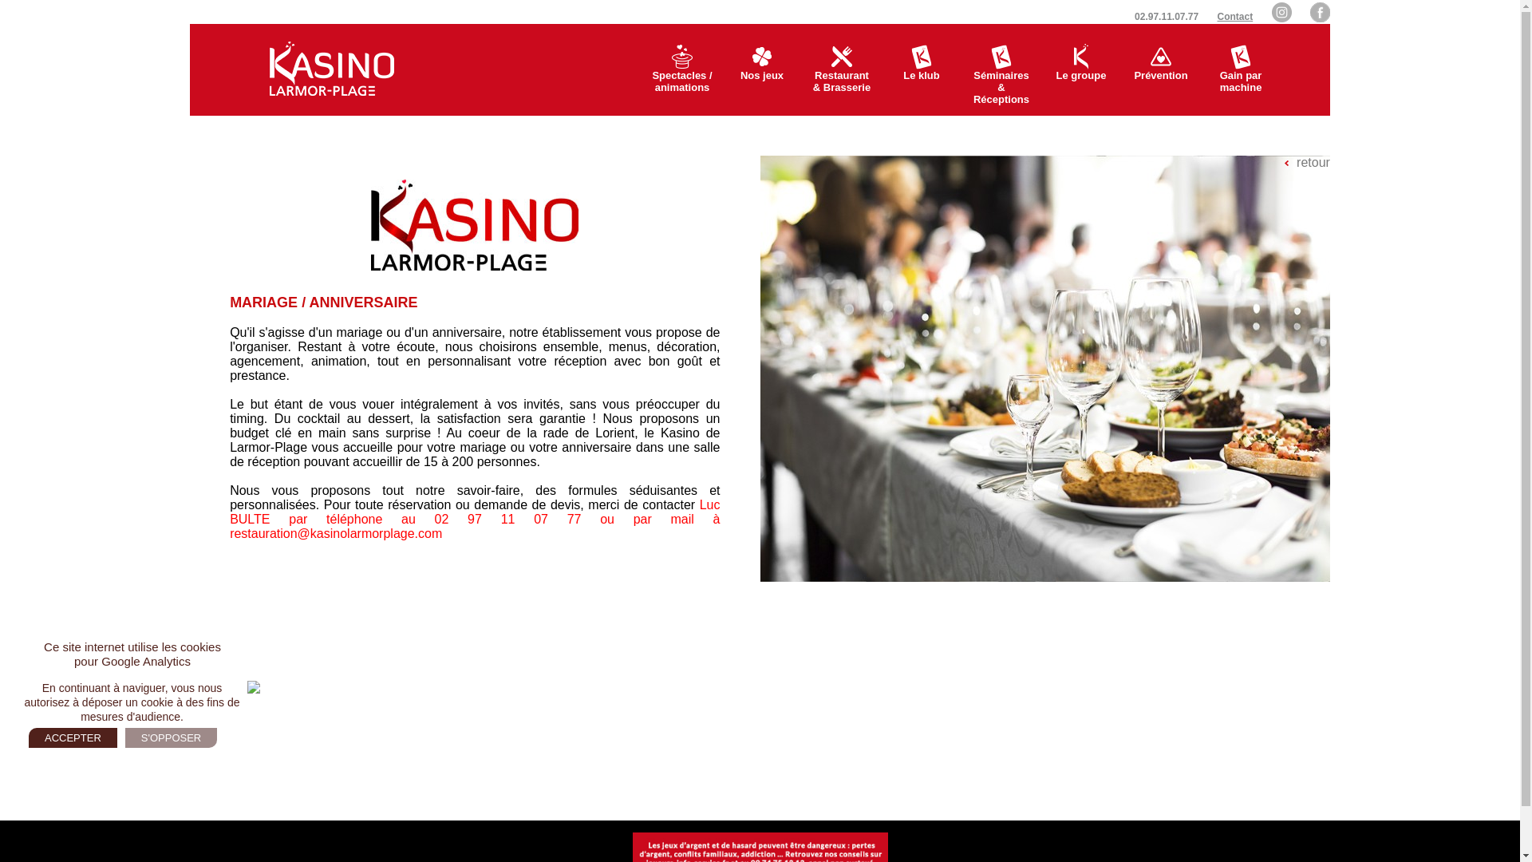  Describe the element at coordinates (1234, 16) in the screenshot. I see `'Contact'` at that location.